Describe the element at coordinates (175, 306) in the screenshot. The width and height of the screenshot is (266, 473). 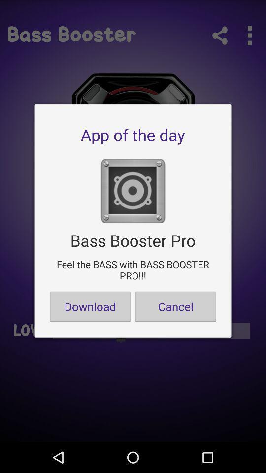
I see `the cancel` at that location.